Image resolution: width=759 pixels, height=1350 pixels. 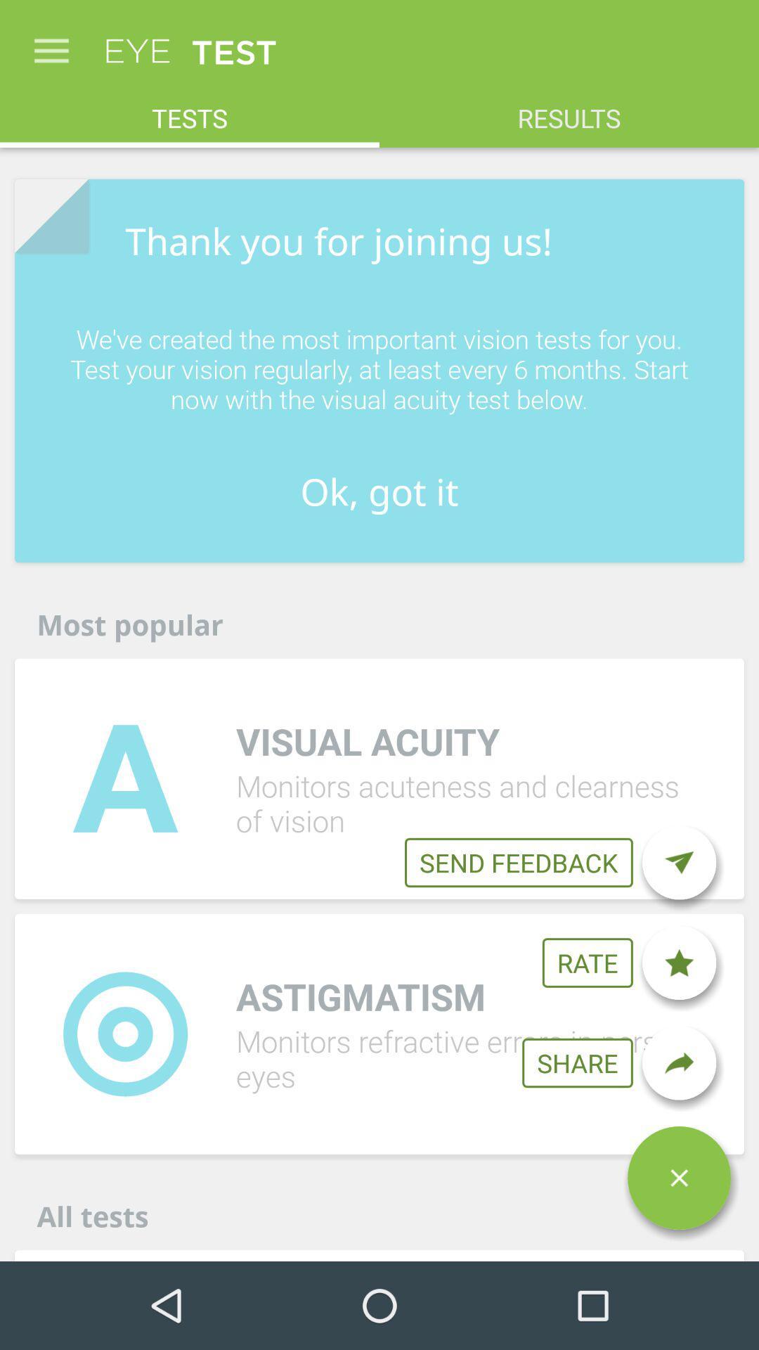 What do you see at coordinates (678, 1178) in the screenshot?
I see `close` at bounding box center [678, 1178].